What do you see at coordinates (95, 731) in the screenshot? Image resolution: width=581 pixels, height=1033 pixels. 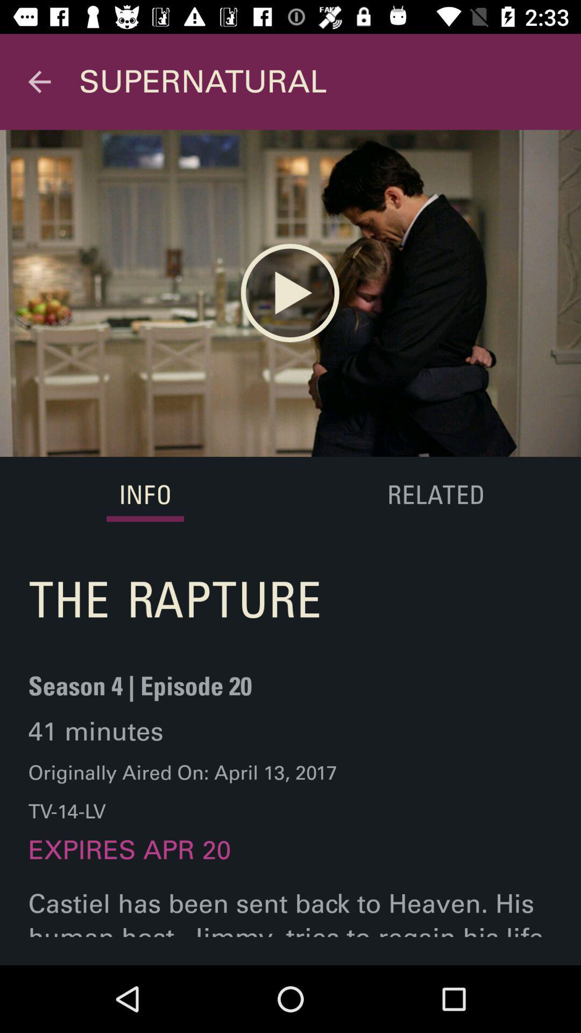 I see `41 minutes icon` at bounding box center [95, 731].